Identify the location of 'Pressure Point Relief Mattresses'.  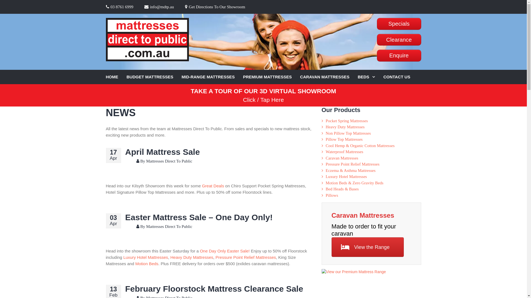
(326, 164).